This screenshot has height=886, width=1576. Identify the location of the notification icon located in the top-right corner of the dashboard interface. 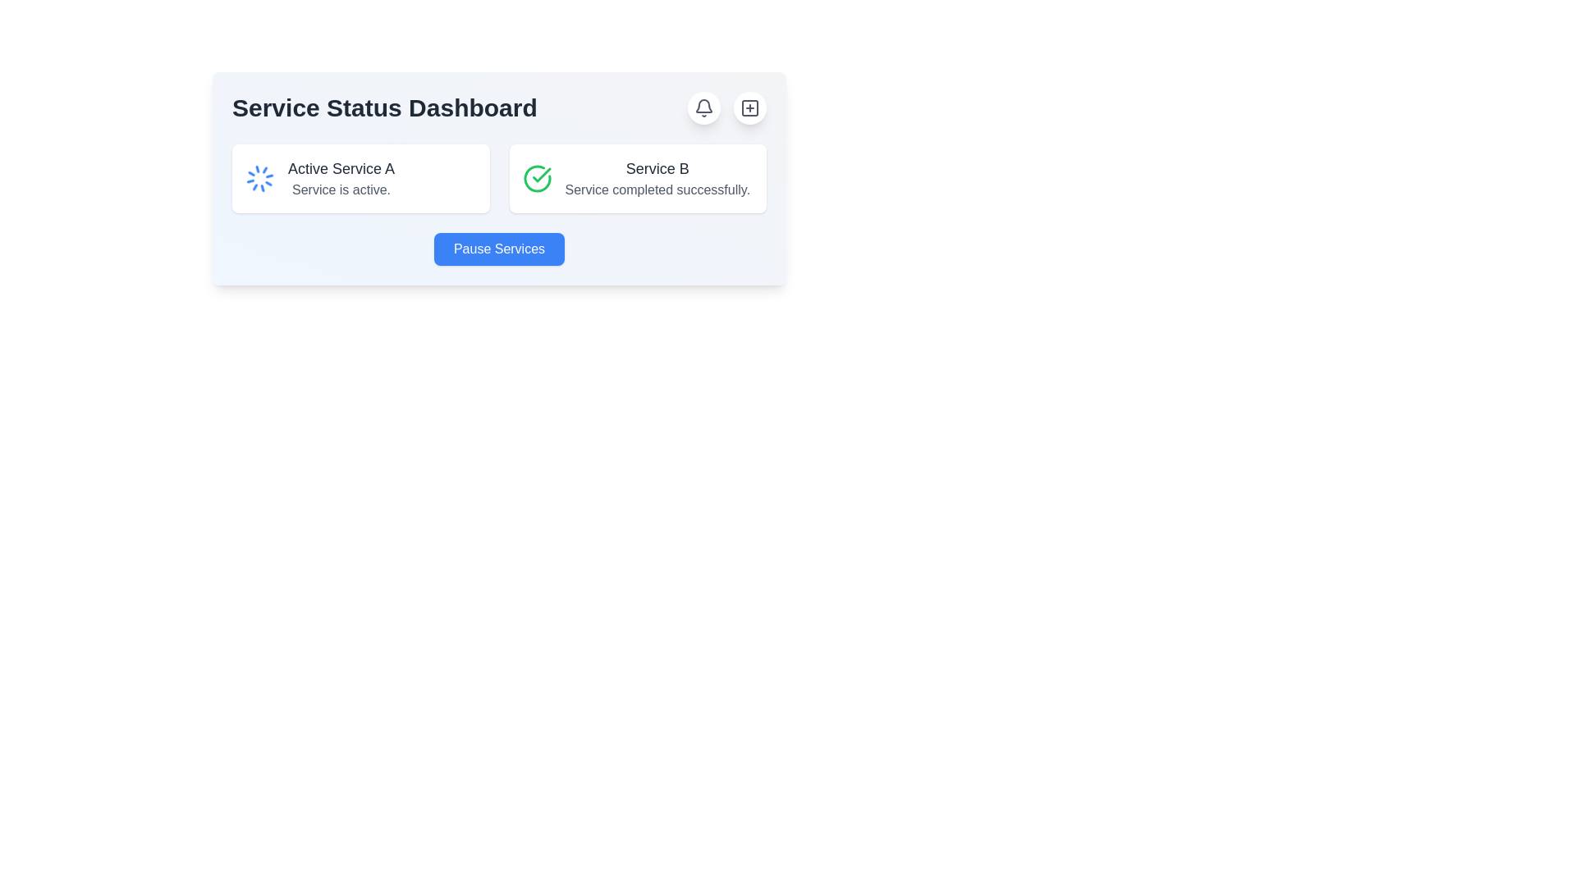
(704, 107).